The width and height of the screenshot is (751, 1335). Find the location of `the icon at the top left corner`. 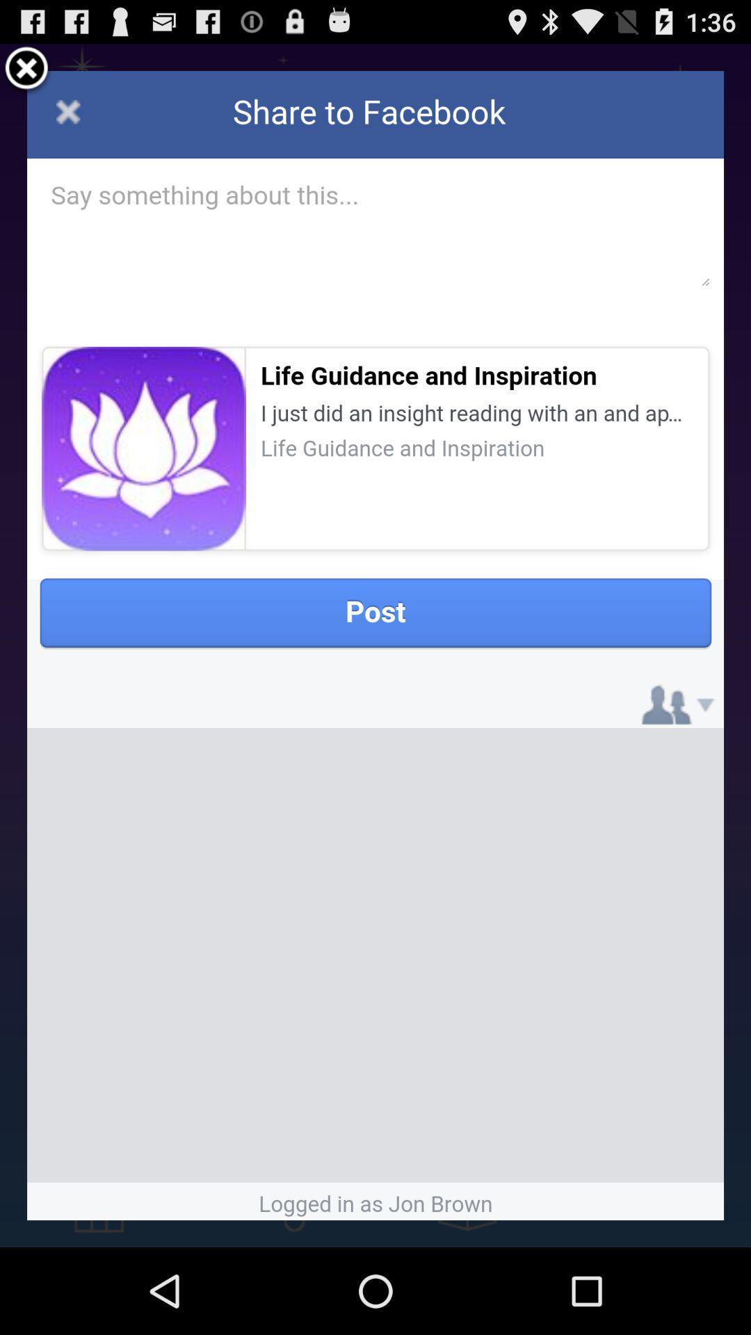

the icon at the top left corner is located at coordinates (26, 70).